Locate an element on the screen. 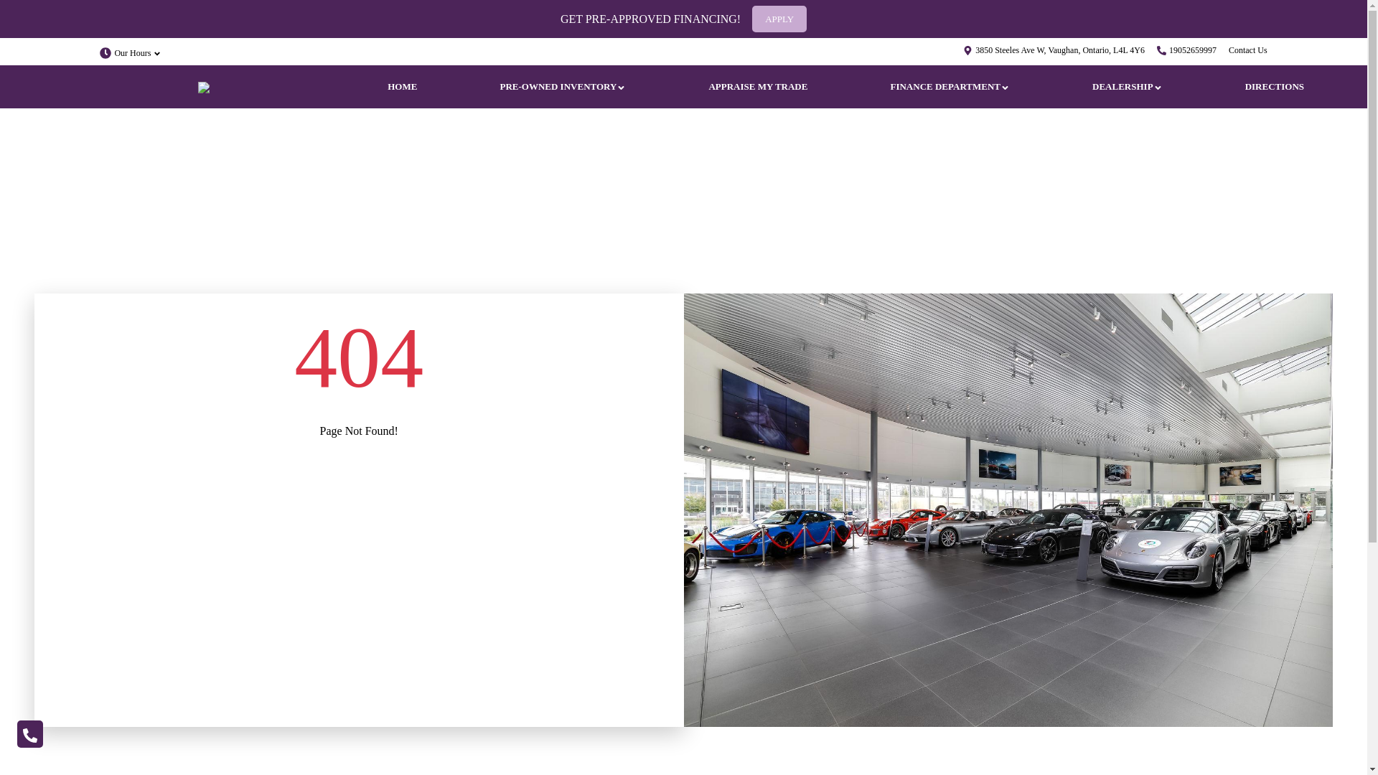 Image resolution: width=1378 pixels, height=775 pixels. 'APPRAISE MY TRADE' is located at coordinates (757, 86).